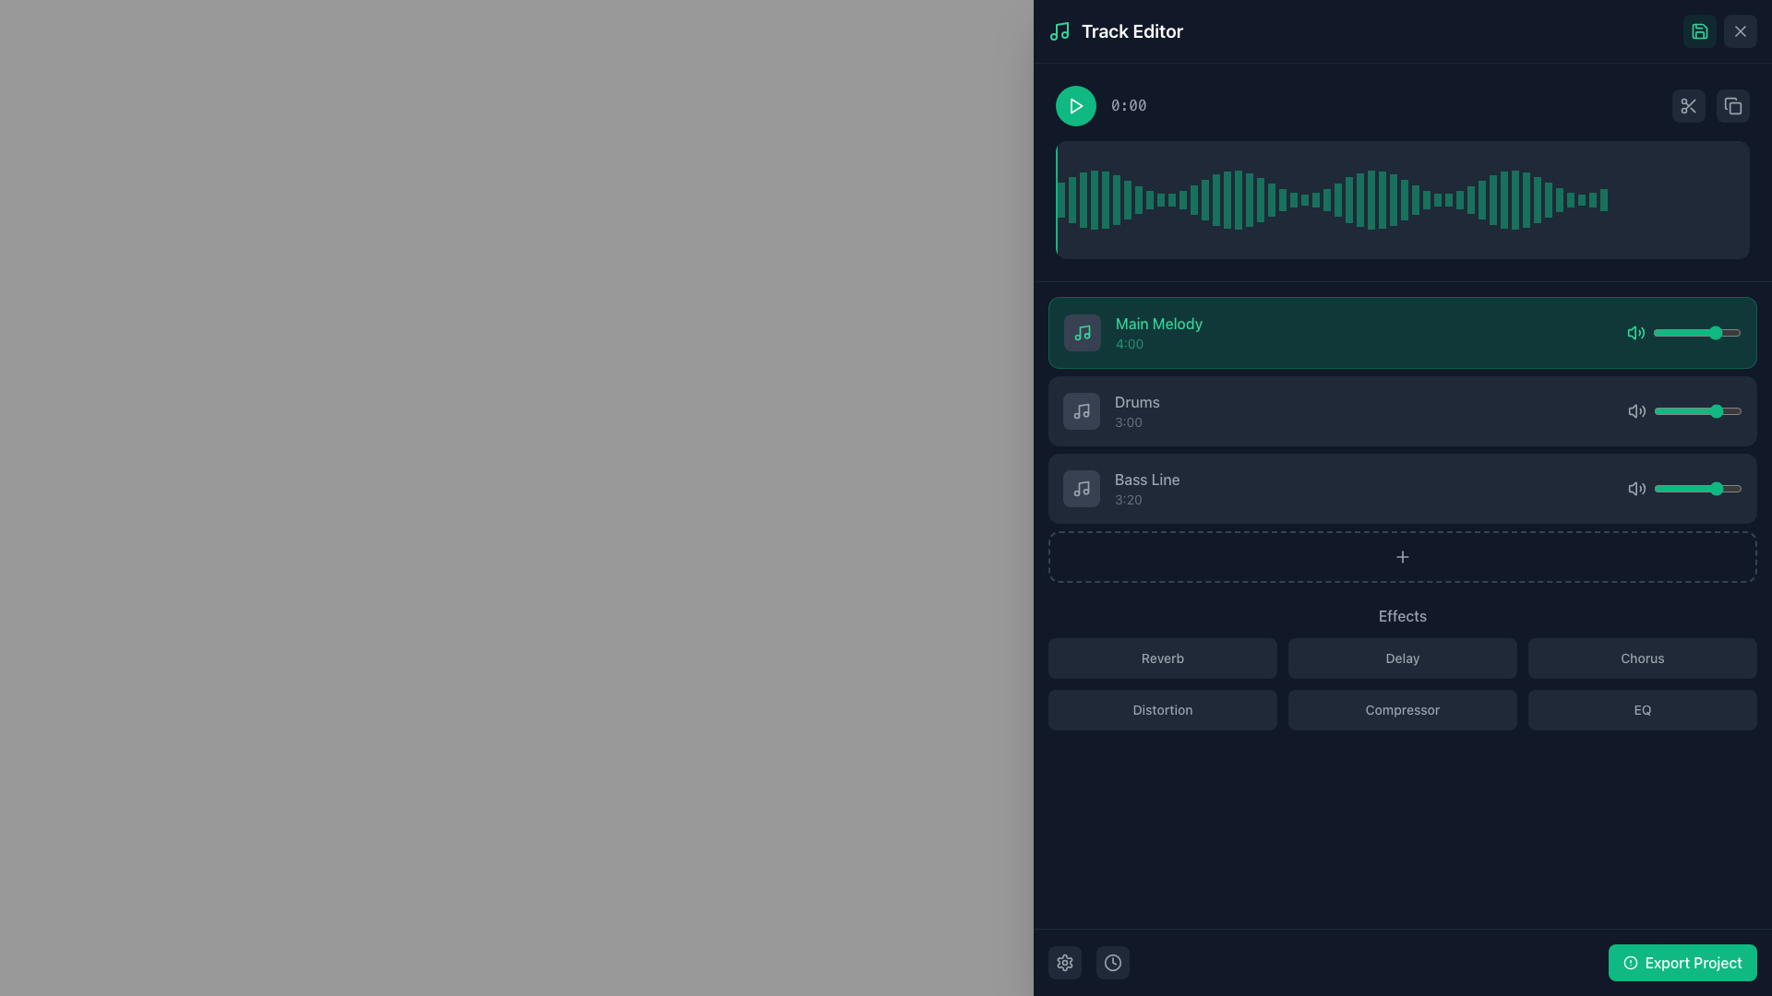 The height and width of the screenshot is (996, 1772). Describe the element at coordinates (1159, 199) in the screenshot. I see `the 10th vertical green translucent bar in the waveform component of the Track Editor layout` at that location.